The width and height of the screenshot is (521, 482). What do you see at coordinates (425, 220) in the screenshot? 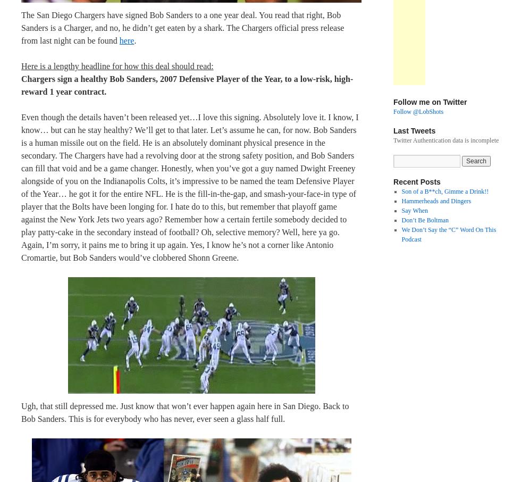
I see `'Don’t Be Boltman'` at bounding box center [425, 220].